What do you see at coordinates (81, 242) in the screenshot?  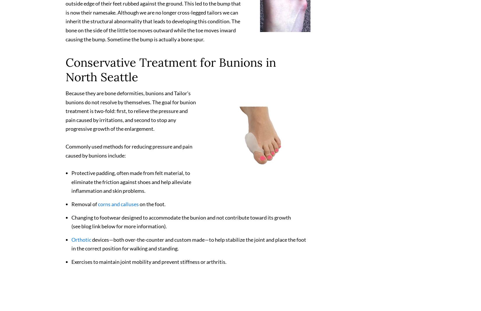 I see `'Orthotic'` at bounding box center [81, 242].